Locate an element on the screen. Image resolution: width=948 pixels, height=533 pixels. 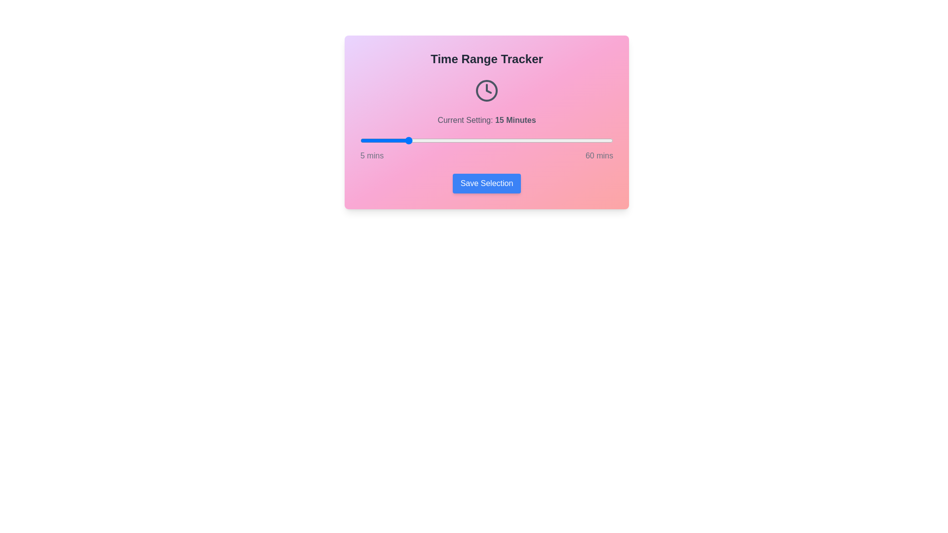
the 'Save Selection' button is located at coordinates (486, 183).